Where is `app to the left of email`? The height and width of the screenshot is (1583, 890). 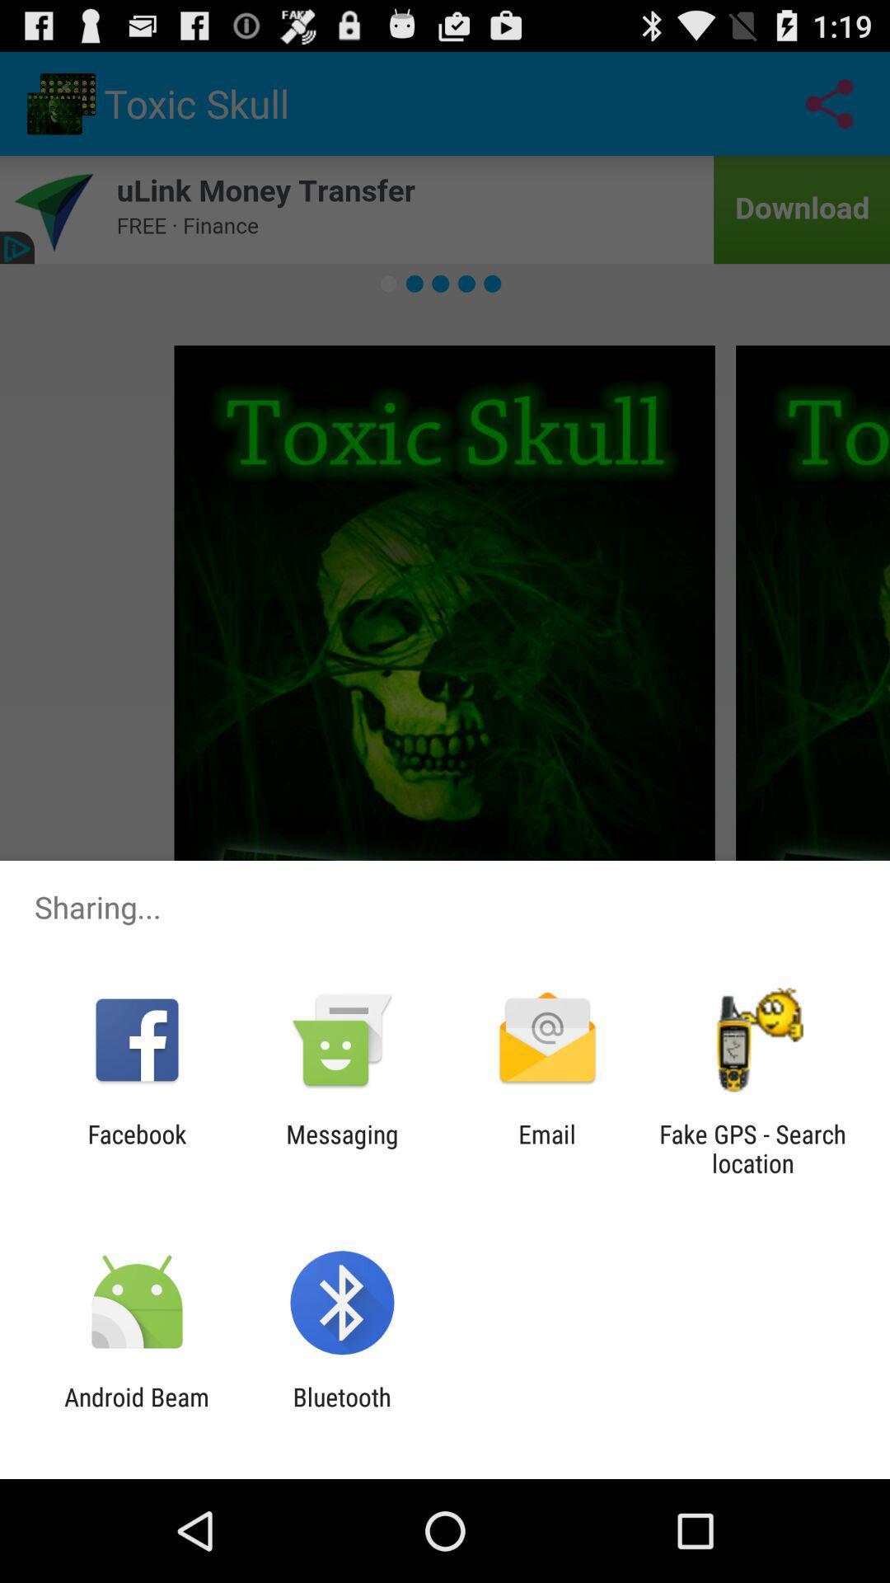
app to the left of email is located at coordinates (341, 1148).